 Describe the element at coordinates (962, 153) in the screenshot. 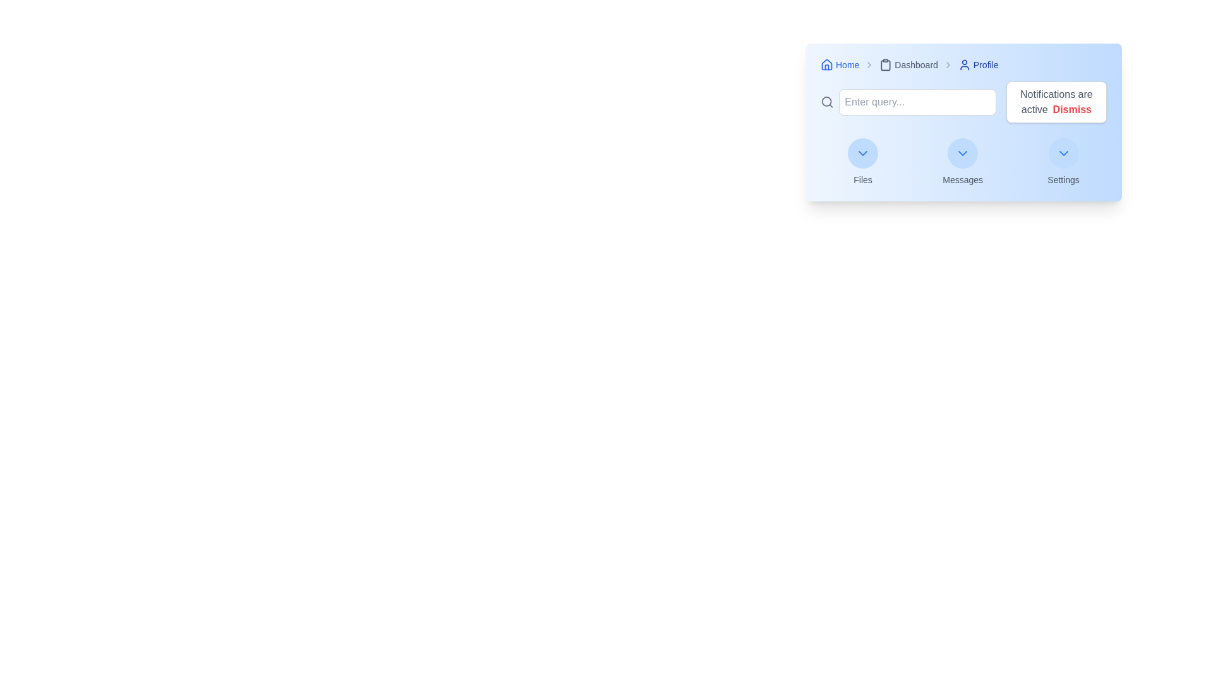

I see `the downward-pointing chevron icon with a blue stroke color, located within the circular 'Messages' button` at that location.